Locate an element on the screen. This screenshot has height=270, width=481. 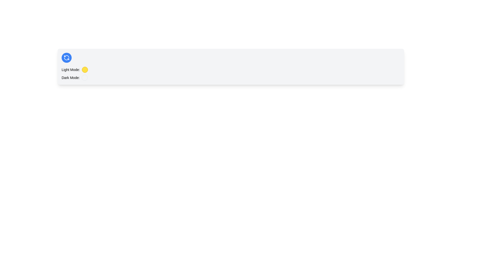
the circular refresh icon button located at the top-left corner of the interface is located at coordinates (66, 57).